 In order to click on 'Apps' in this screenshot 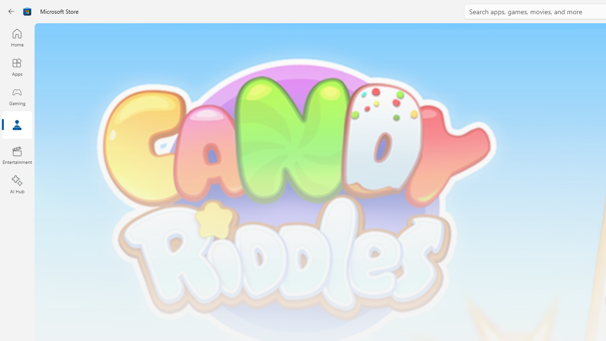, I will do `click(17, 66)`.